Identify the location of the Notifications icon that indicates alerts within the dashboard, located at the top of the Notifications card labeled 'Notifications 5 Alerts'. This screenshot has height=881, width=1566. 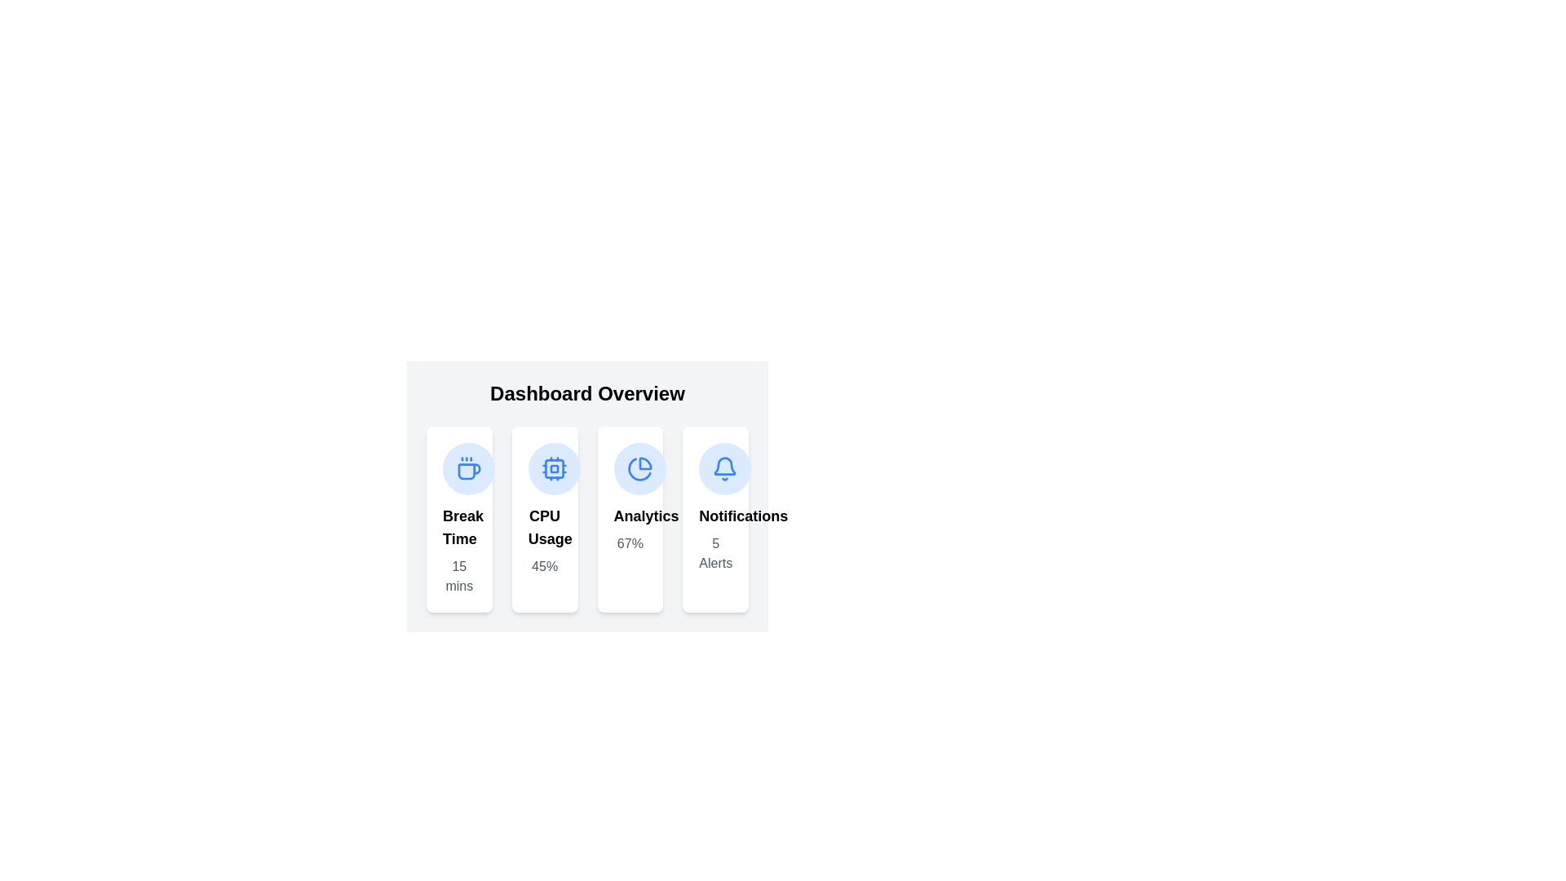
(724, 468).